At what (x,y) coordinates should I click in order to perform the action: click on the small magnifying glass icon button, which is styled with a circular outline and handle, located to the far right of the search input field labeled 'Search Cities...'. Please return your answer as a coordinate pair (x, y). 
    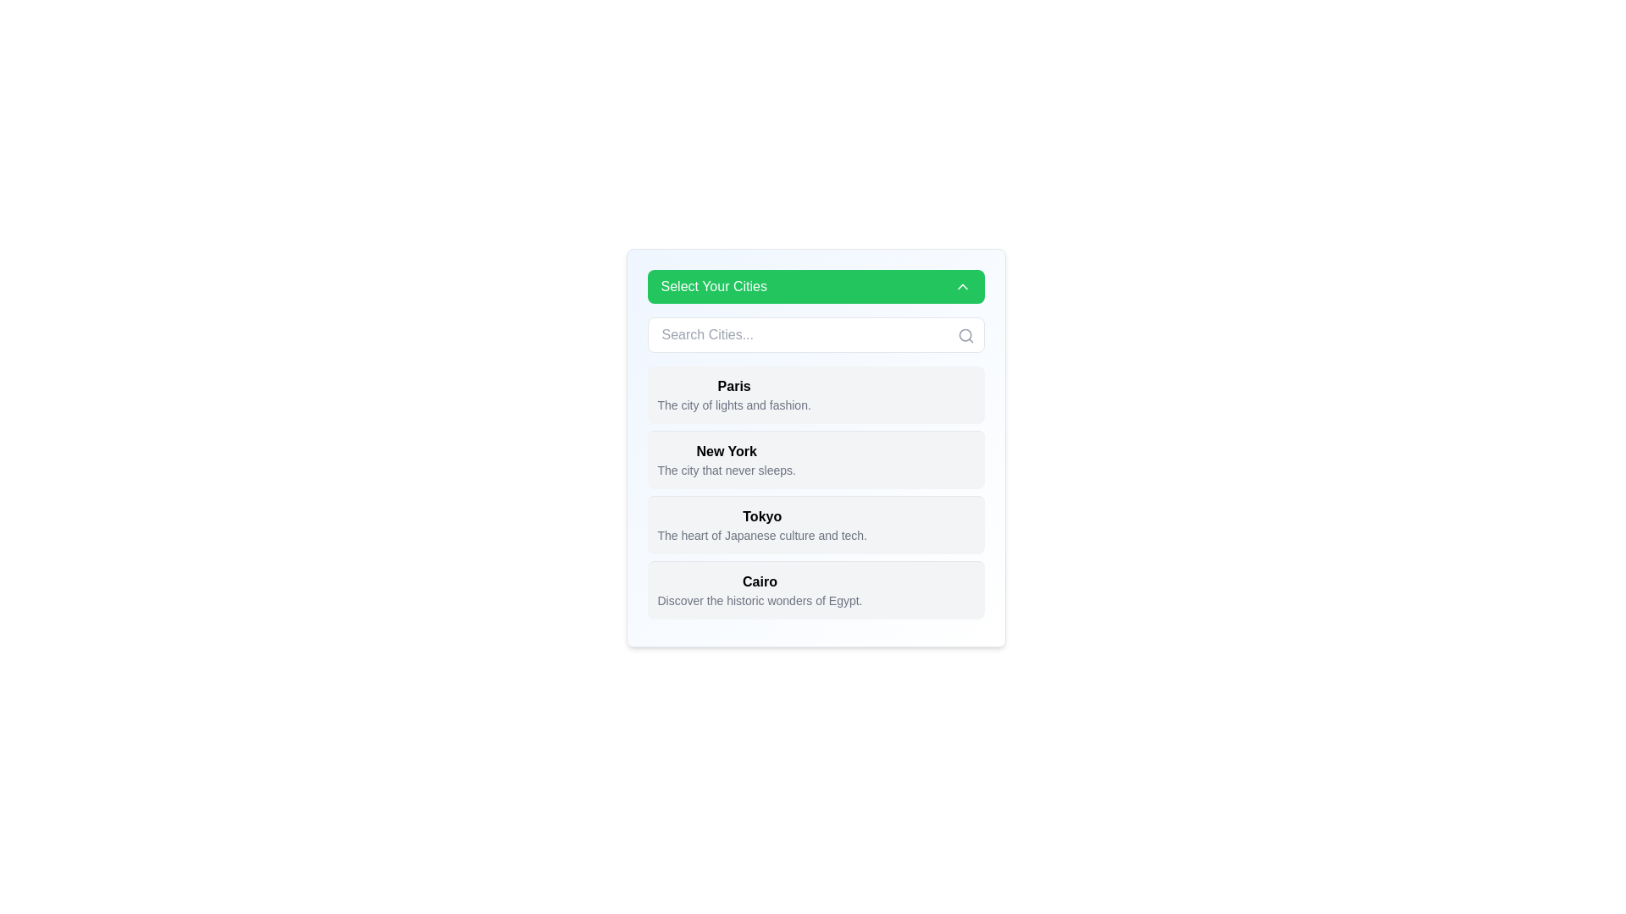
    Looking at the image, I should click on (965, 336).